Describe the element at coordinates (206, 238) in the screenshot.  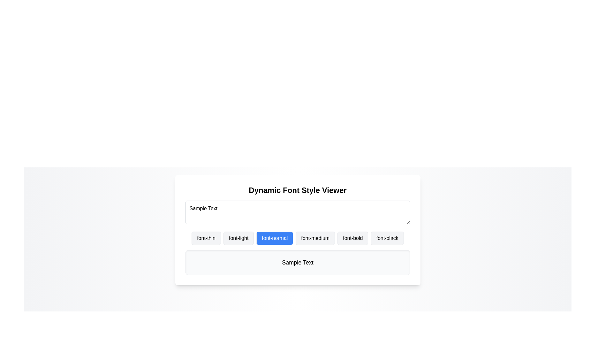
I see `the leftmost button styled with rounded corners and a light gray background that contains the text 'font-thin'` at that location.